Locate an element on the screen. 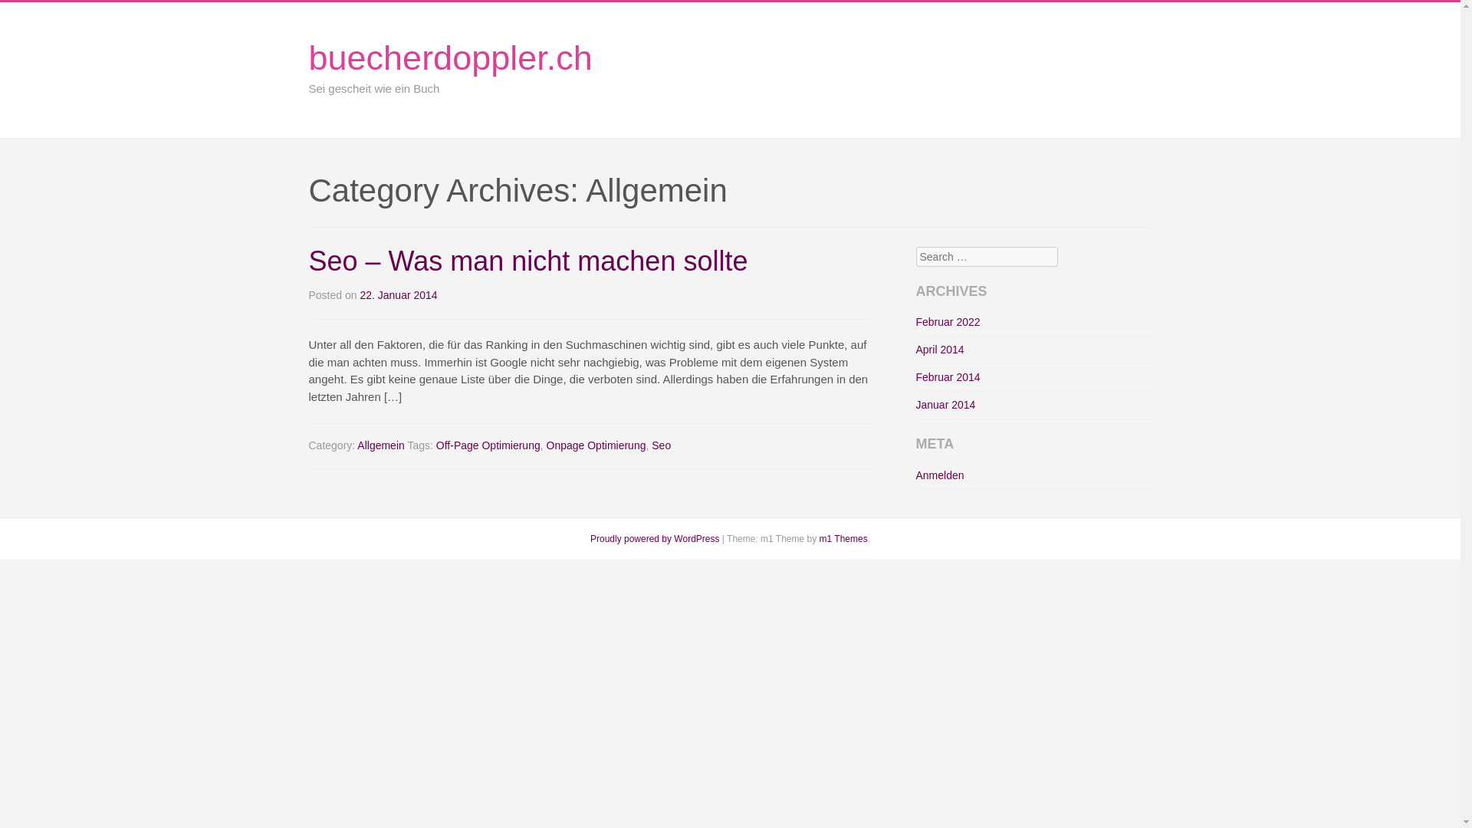 Image resolution: width=1472 pixels, height=828 pixels. 'Januar 2014' is located at coordinates (945, 404).